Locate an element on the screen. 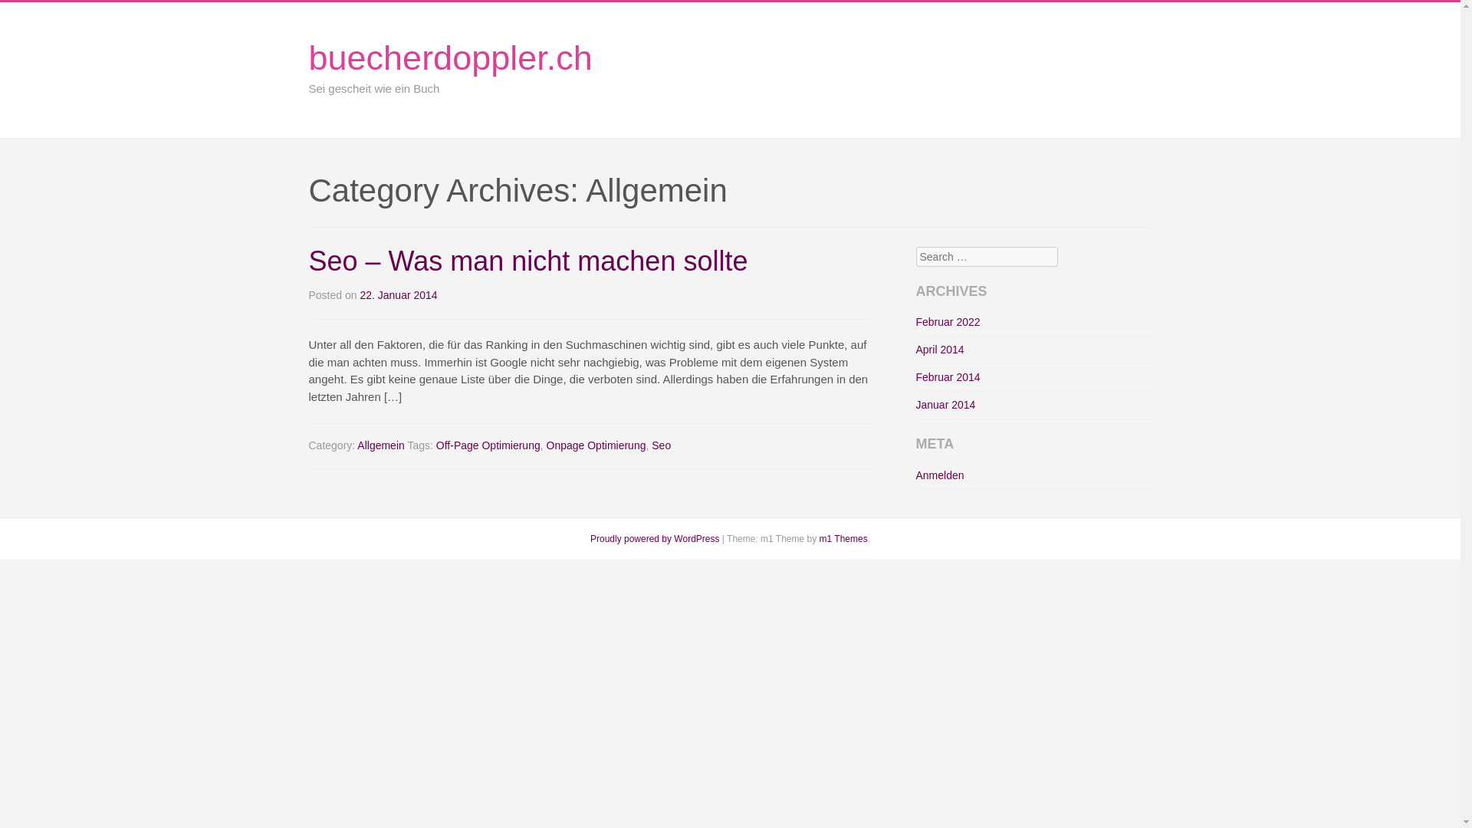 Image resolution: width=1472 pixels, height=828 pixels. 'Januar 2014' is located at coordinates (945, 404).